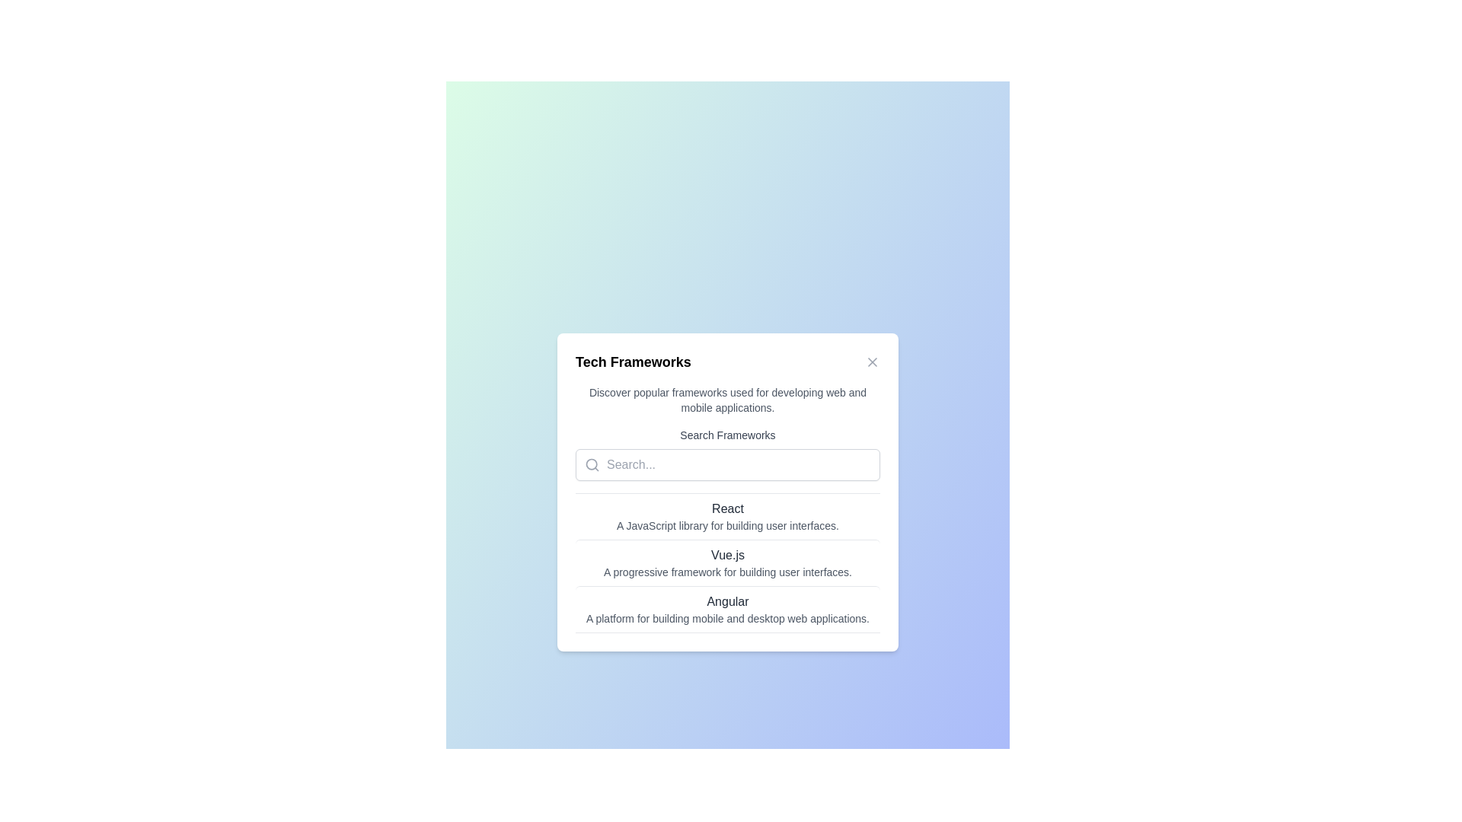 The image size is (1462, 822). Describe the element at coordinates (726, 399) in the screenshot. I see `text block element displaying 'Discover popular frameworks used for developing web and mobile applications.' which is located within the 'Tech Frameworks' card, positioned below the title and above the search label` at that location.